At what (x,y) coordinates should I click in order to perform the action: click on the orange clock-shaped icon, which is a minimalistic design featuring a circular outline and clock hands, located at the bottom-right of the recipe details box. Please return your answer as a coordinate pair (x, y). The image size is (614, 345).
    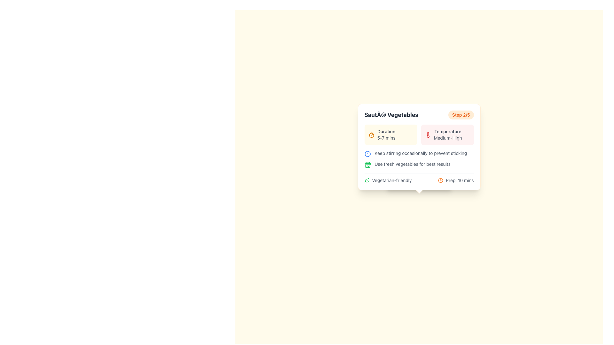
    Looking at the image, I should click on (440, 180).